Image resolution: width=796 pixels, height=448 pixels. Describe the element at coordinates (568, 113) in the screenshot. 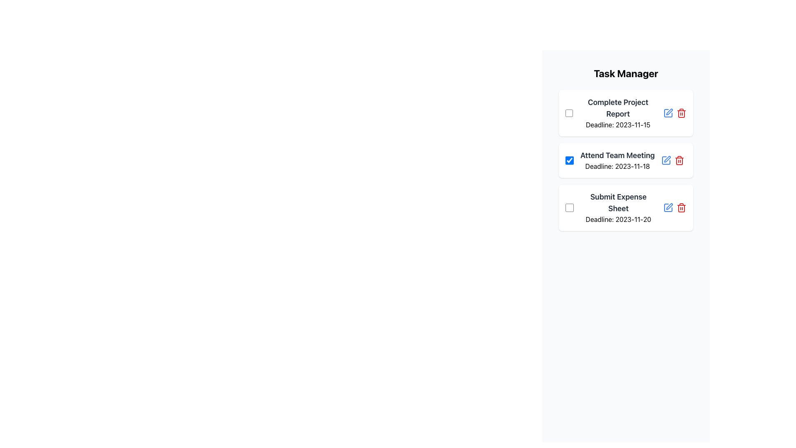

I see `the checkbox located on the left side of the task item box labeled 'Complete Project Report Deadline: 2023-11-15' for keyboard navigation` at that location.